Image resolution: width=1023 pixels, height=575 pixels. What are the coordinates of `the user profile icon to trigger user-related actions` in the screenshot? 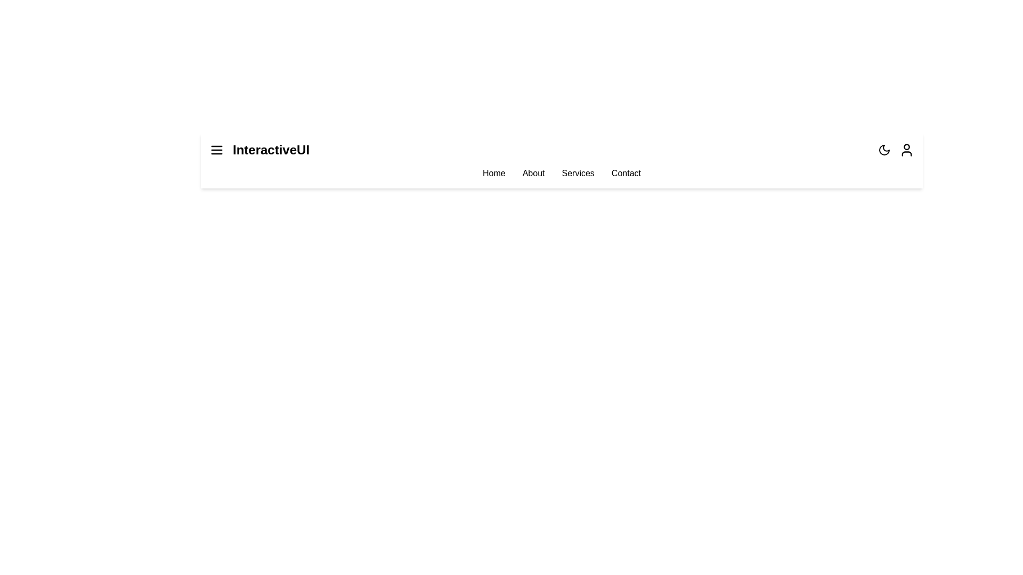 It's located at (906, 150).